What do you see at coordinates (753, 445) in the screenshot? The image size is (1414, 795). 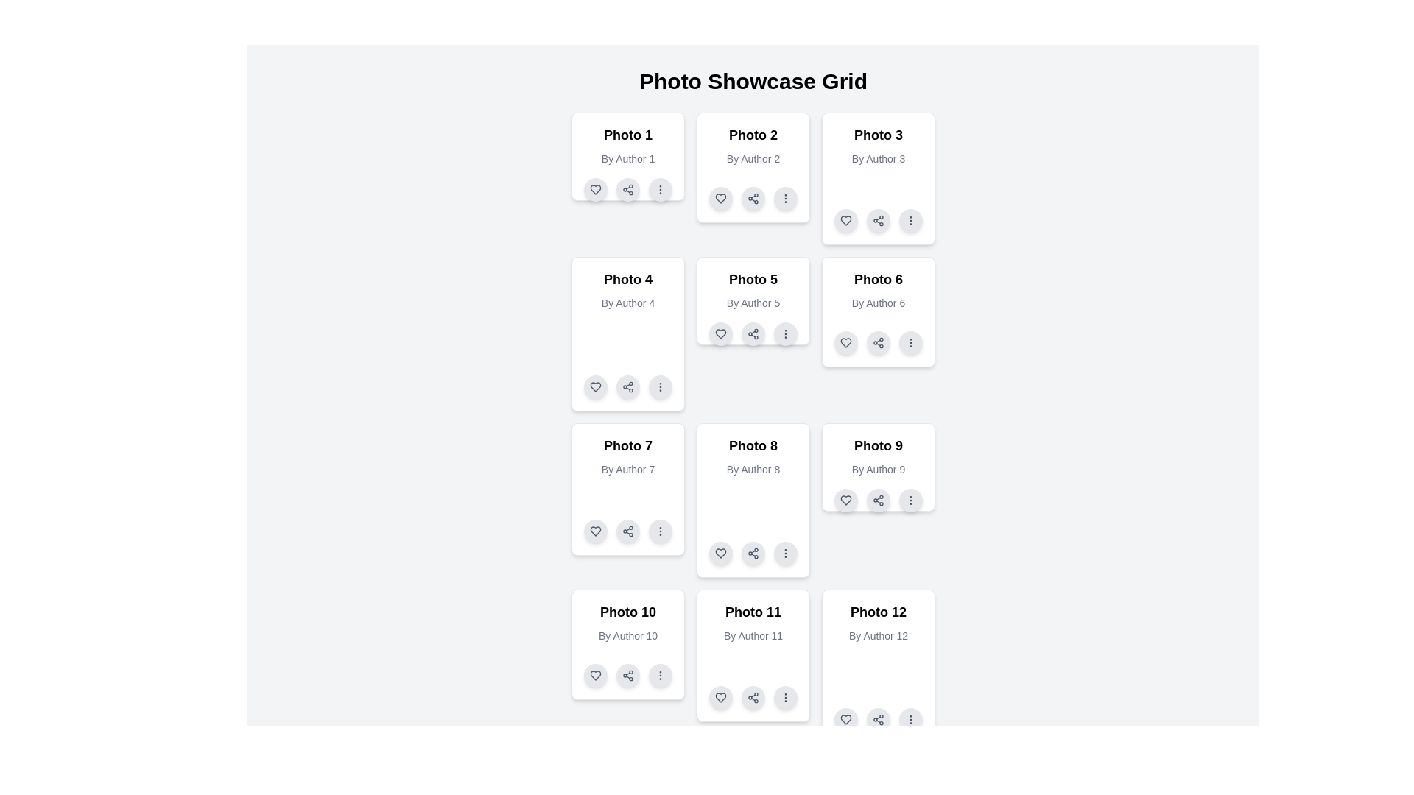 I see `the text label indicating 'Photo 8' located at the top of the card in the third row and second column of the grid layout` at bounding box center [753, 445].